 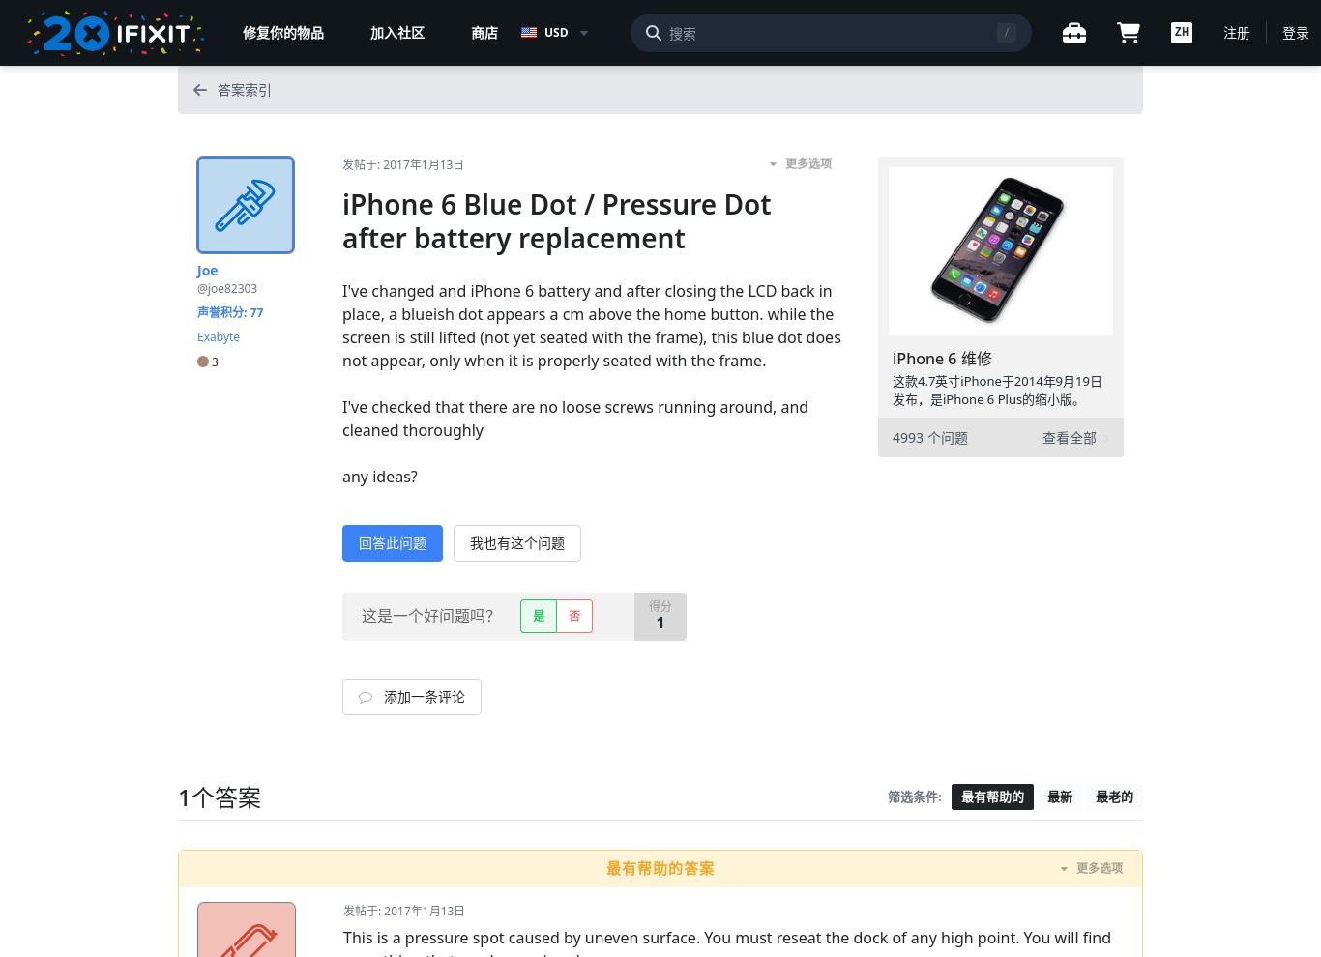 What do you see at coordinates (659, 621) in the screenshot?
I see `'1'` at bounding box center [659, 621].